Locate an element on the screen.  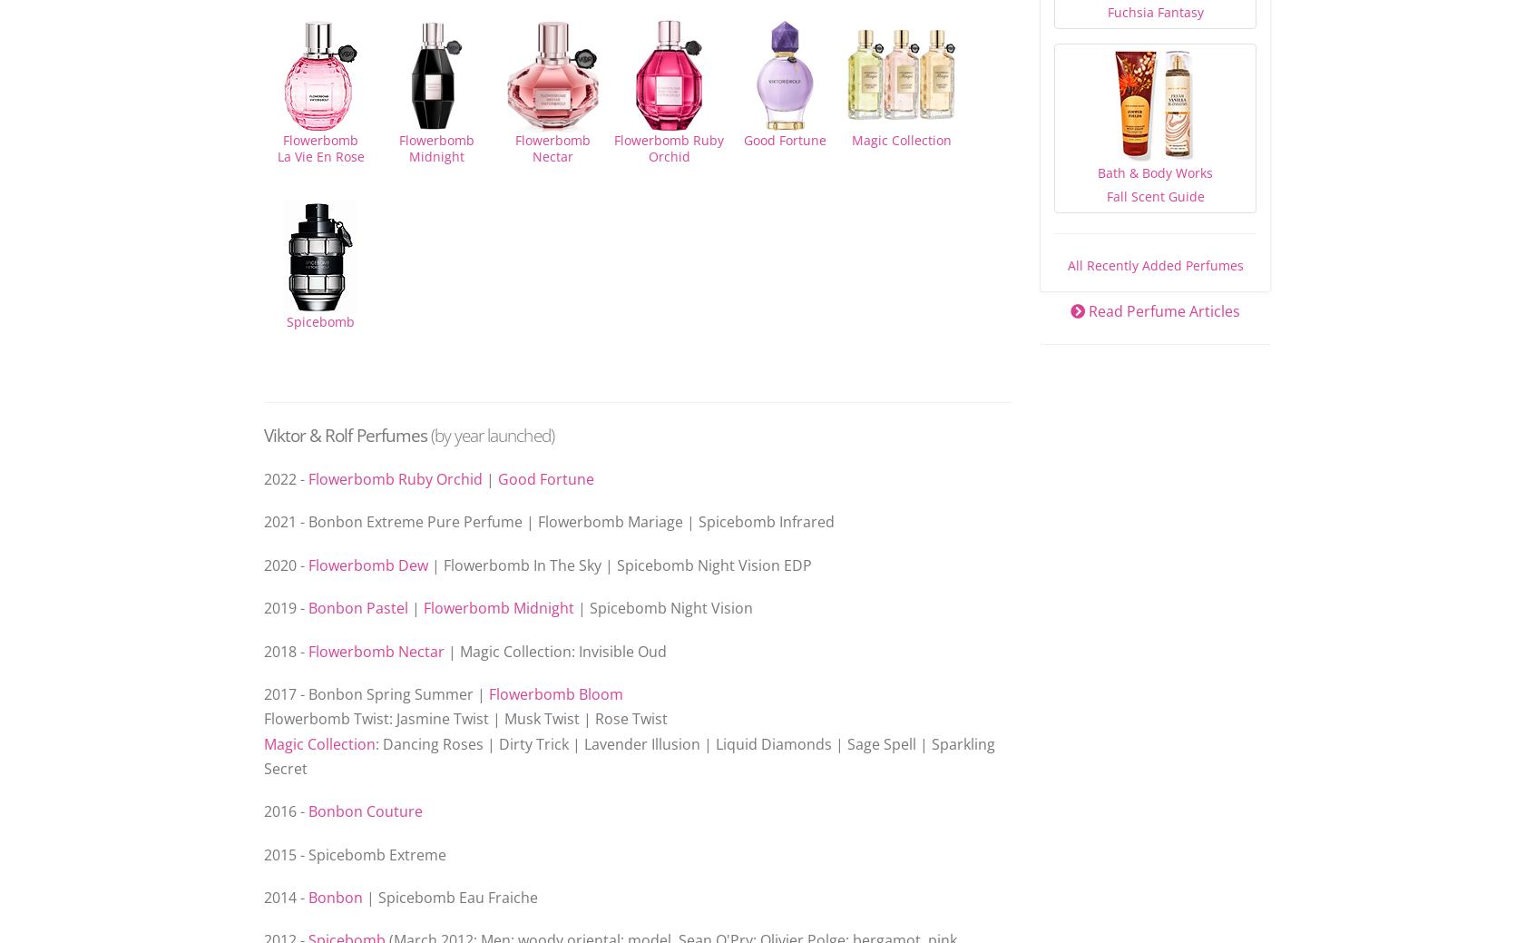
'| Flowerbomb In The Sky | Spicebomb Night Vision EDP' is located at coordinates (427, 565).